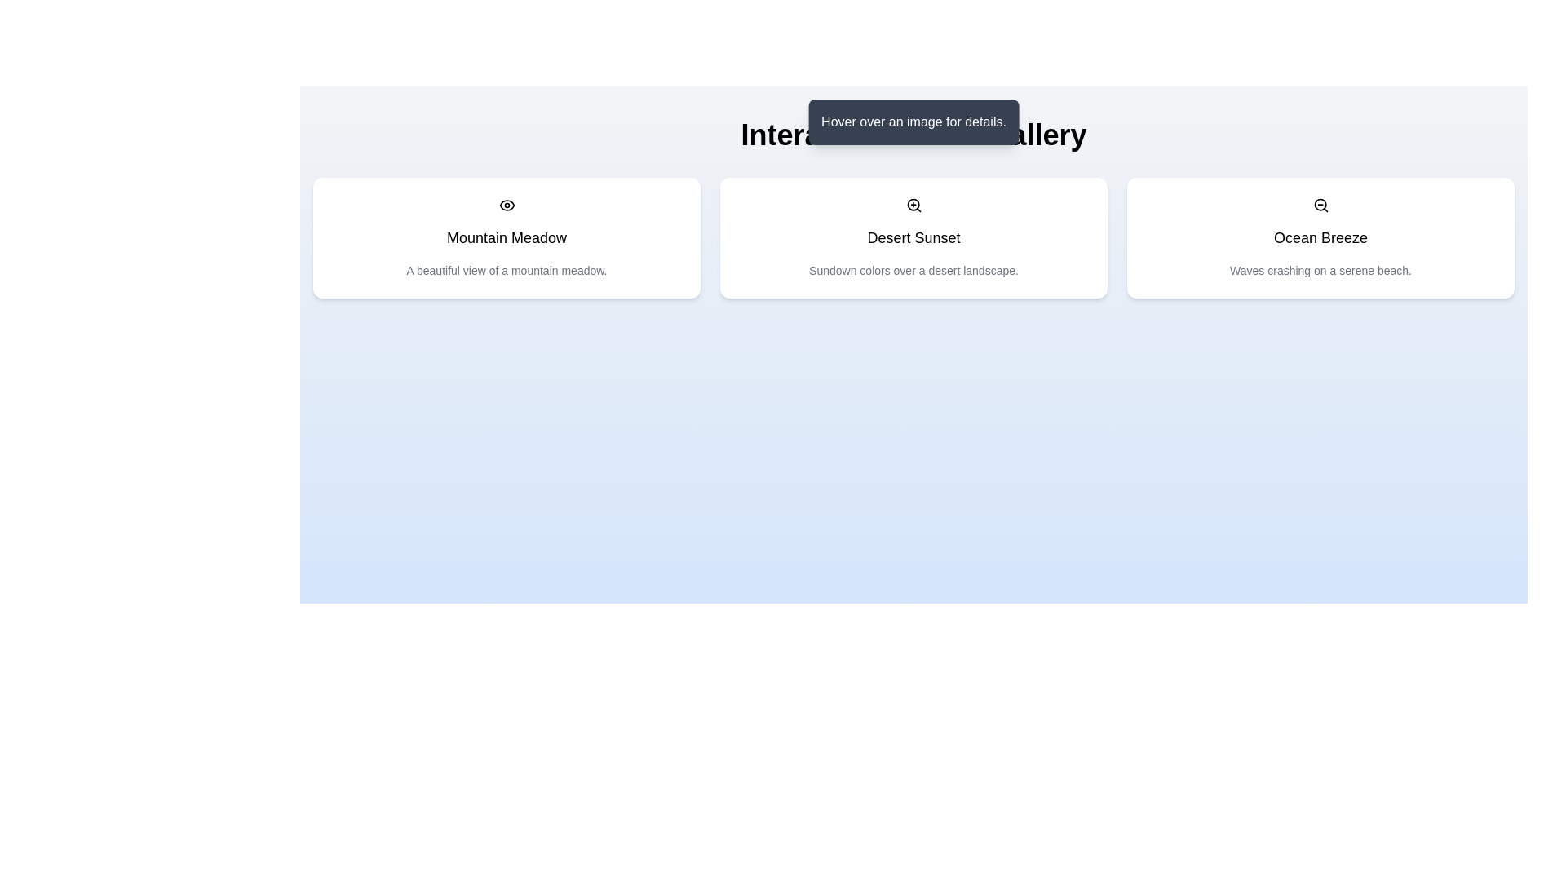 This screenshot has height=881, width=1566. I want to click on the icon of the Card element labeled 'Desert Sunset', which features a magnifying glass icon at its center, so click(913, 238).